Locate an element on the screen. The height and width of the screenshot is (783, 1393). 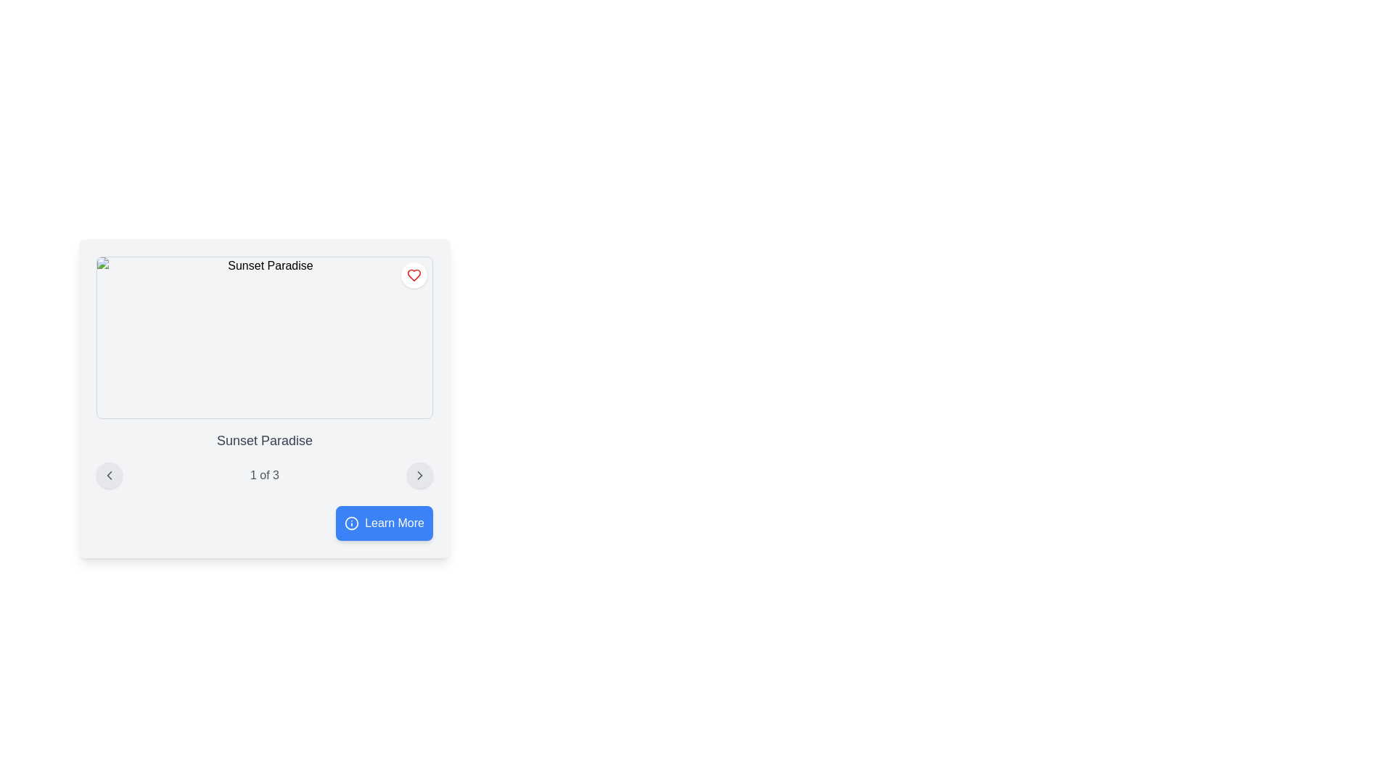
the decorative circle within the SVG icon located in the lower-right area of the card layout containing the 'Learn More' button is located at coordinates (352, 523).